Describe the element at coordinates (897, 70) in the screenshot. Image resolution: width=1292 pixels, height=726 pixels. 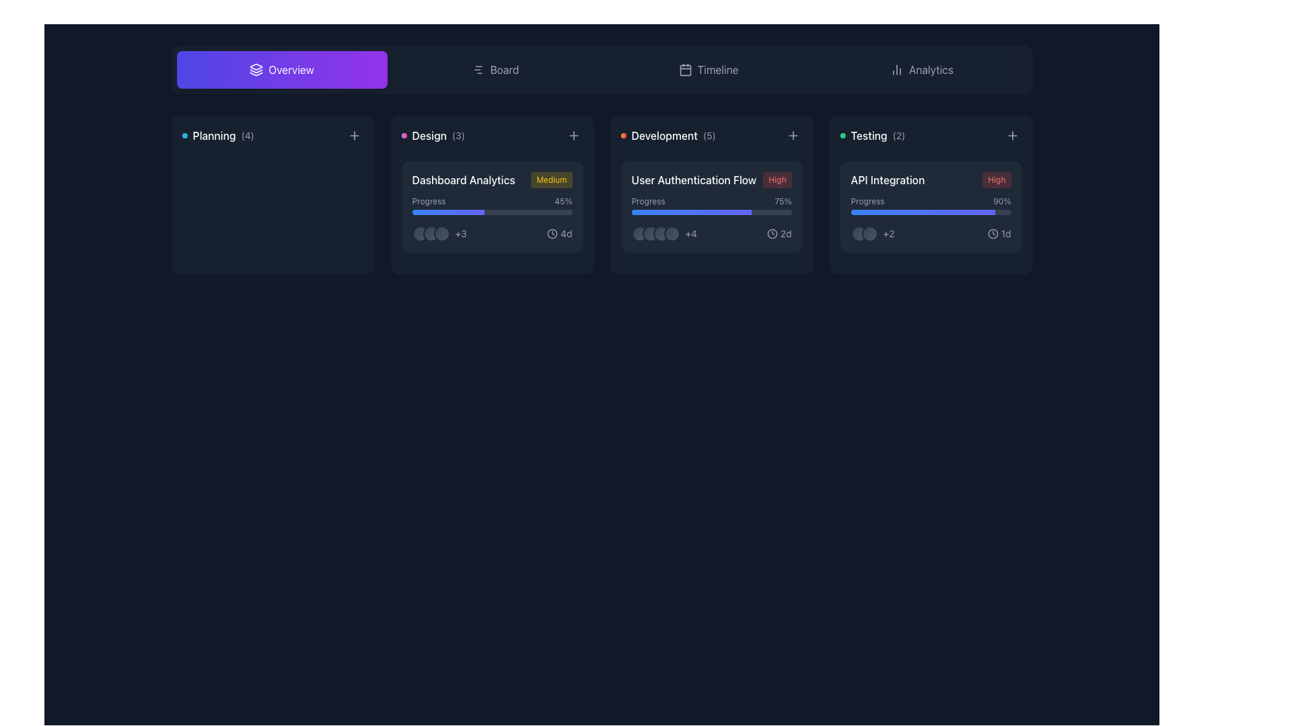
I see `the vertically-oriented bar chart icon located within the 'Analytics' button in the upper navigation bar, to the left of the text 'Analytics'` at that location.